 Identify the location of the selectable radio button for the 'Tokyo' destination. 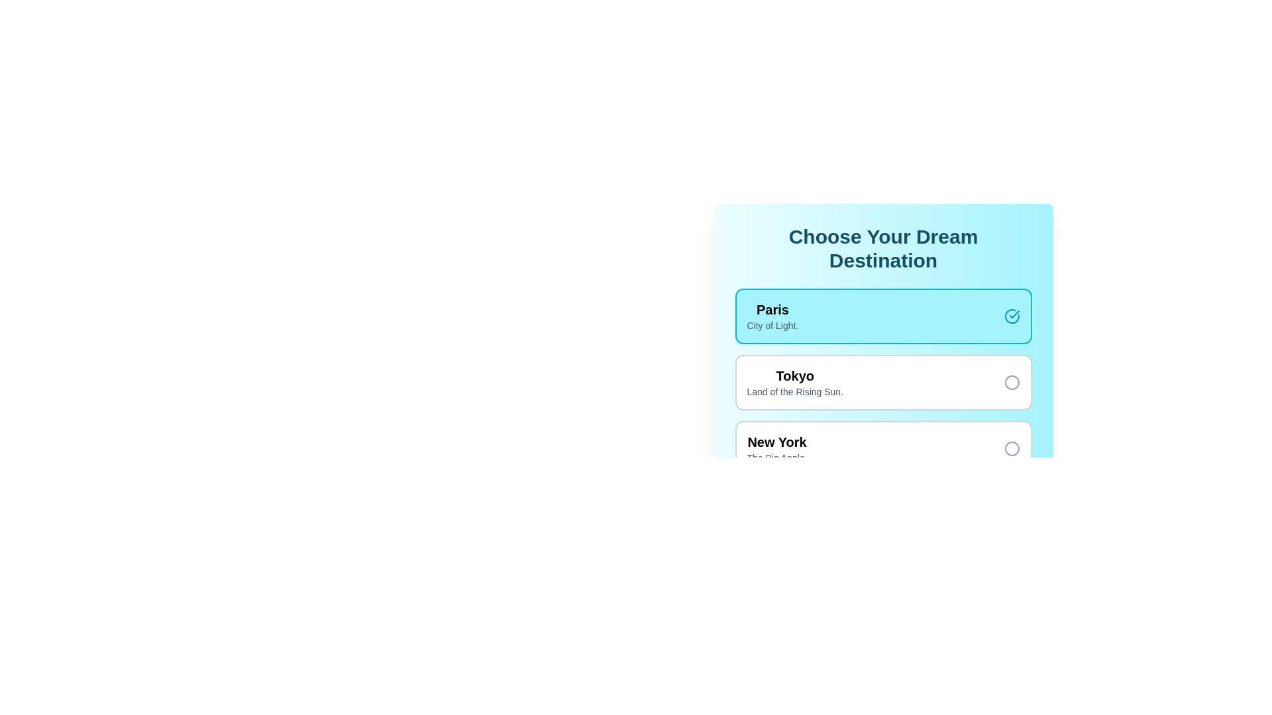
(1011, 383).